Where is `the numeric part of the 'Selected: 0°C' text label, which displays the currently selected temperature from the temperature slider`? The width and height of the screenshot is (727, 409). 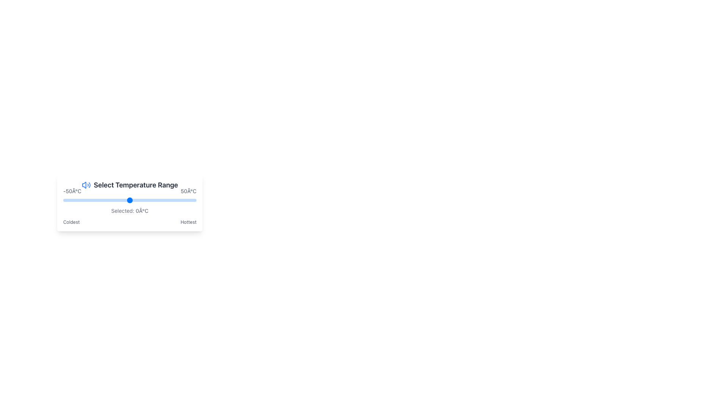
the numeric part of the 'Selected: 0°C' text label, which displays the currently selected temperature from the temperature slider is located at coordinates (142, 211).